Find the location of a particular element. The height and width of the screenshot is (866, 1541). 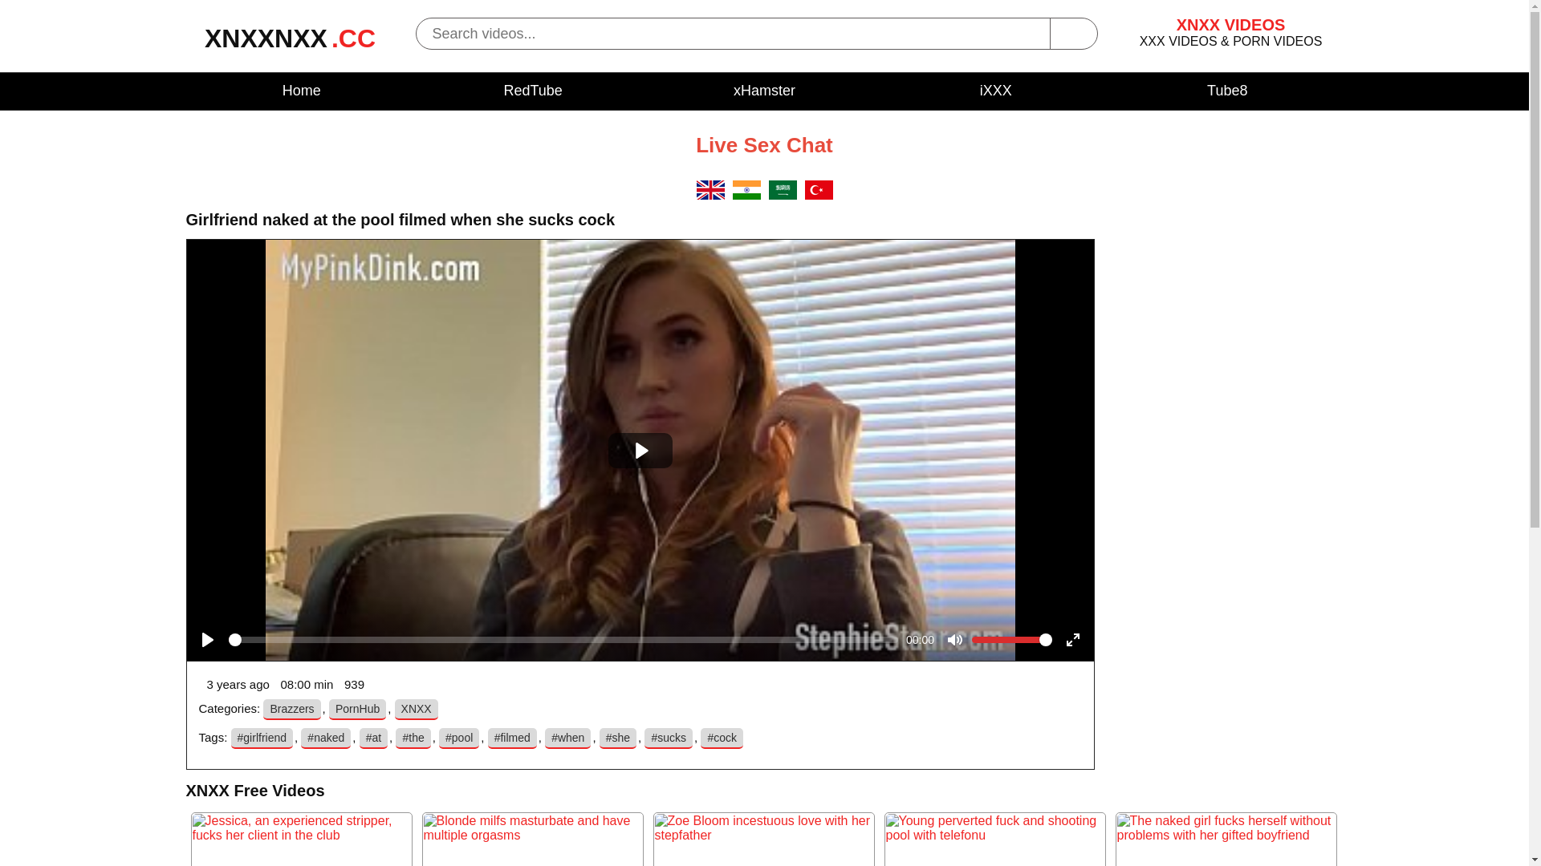

'TR' is located at coordinates (804, 194).